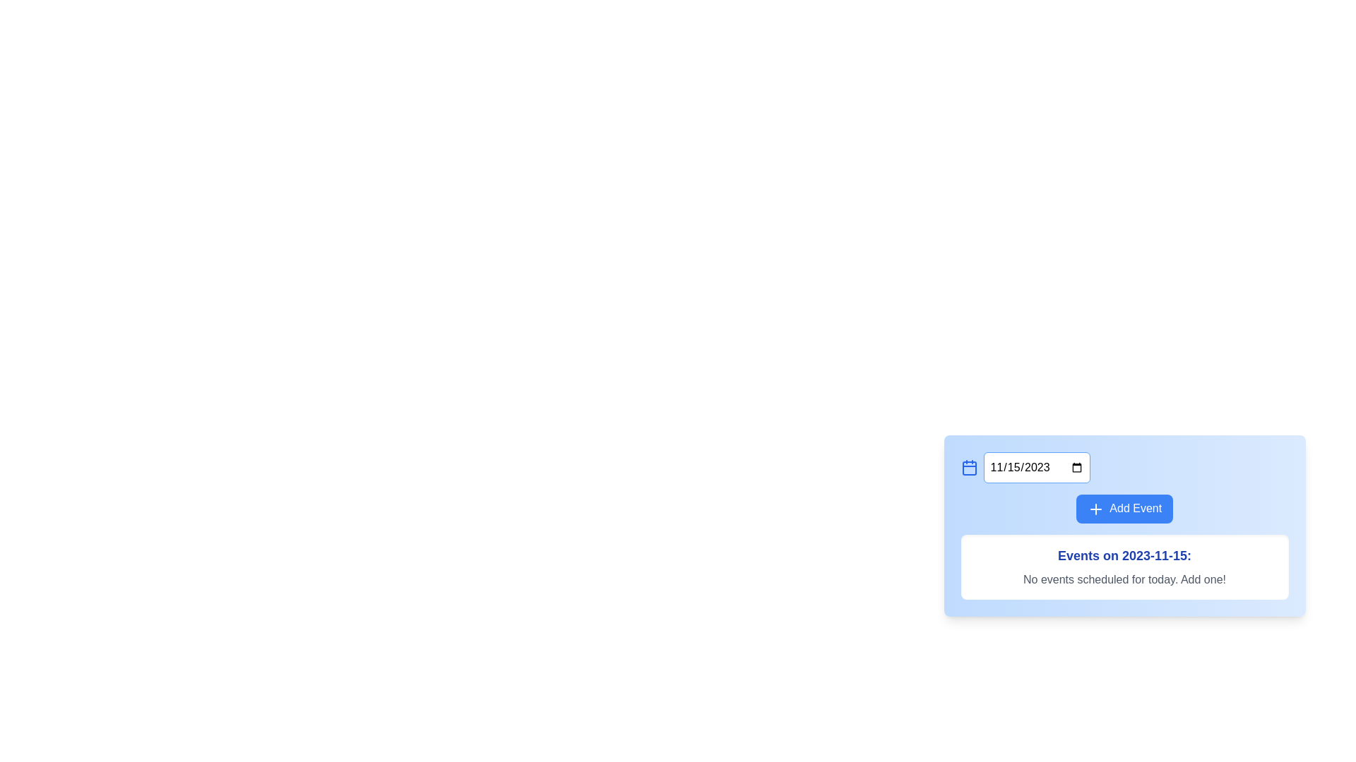 The height and width of the screenshot is (762, 1356). What do you see at coordinates (968, 468) in the screenshot?
I see `the calendar icon located at the far left of the horizontal layout, which indicates date-related functionality` at bounding box center [968, 468].